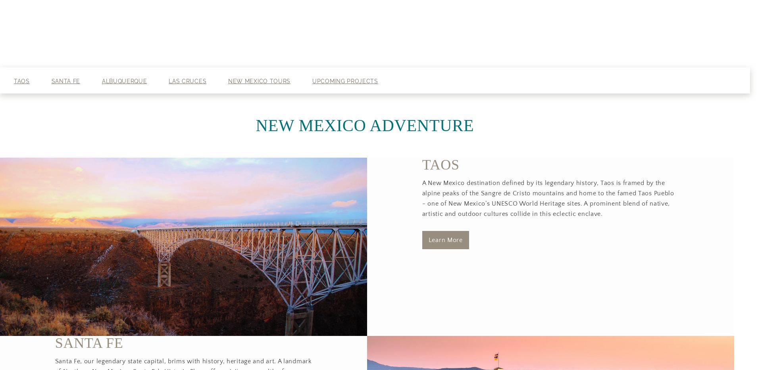  What do you see at coordinates (65, 81) in the screenshot?
I see `'Santa Fe'` at bounding box center [65, 81].